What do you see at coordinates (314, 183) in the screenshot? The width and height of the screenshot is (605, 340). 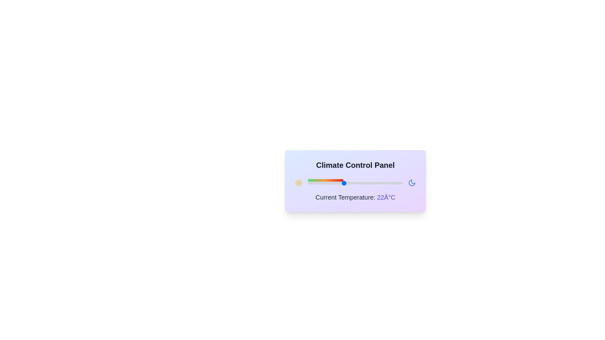 I see `the temperature` at bounding box center [314, 183].